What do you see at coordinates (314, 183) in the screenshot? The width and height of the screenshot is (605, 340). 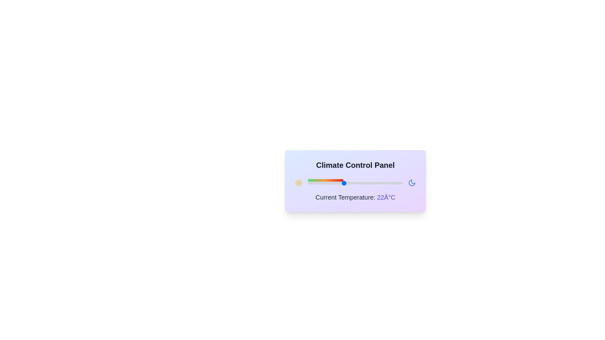 I see `the temperature` at bounding box center [314, 183].